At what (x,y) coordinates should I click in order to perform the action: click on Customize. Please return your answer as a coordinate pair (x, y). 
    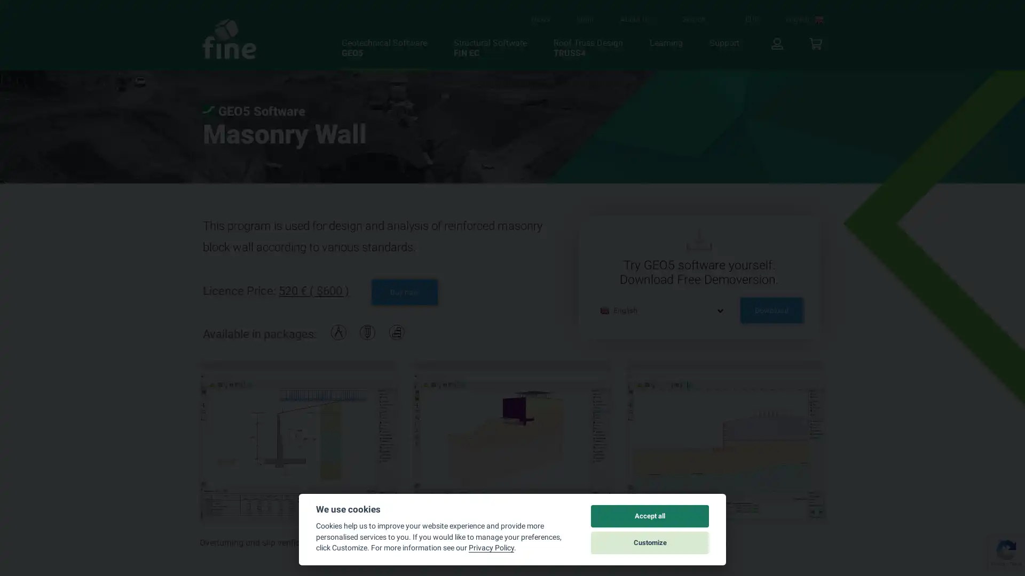
    Looking at the image, I should click on (649, 543).